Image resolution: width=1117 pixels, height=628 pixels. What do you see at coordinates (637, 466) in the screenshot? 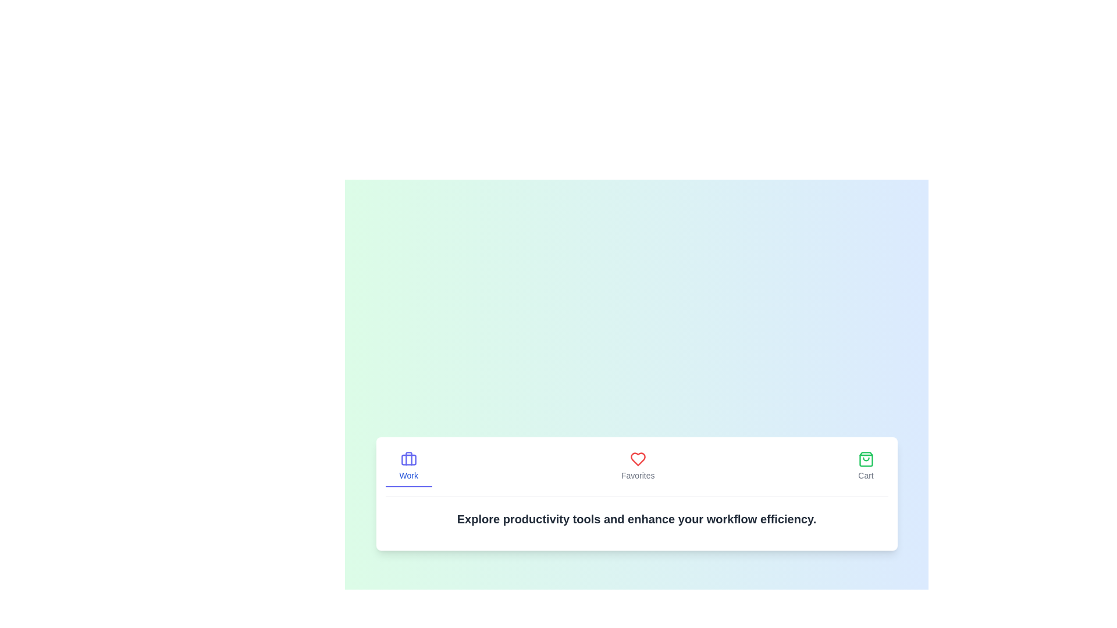
I see `the tab labeled Favorites` at bounding box center [637, 466].